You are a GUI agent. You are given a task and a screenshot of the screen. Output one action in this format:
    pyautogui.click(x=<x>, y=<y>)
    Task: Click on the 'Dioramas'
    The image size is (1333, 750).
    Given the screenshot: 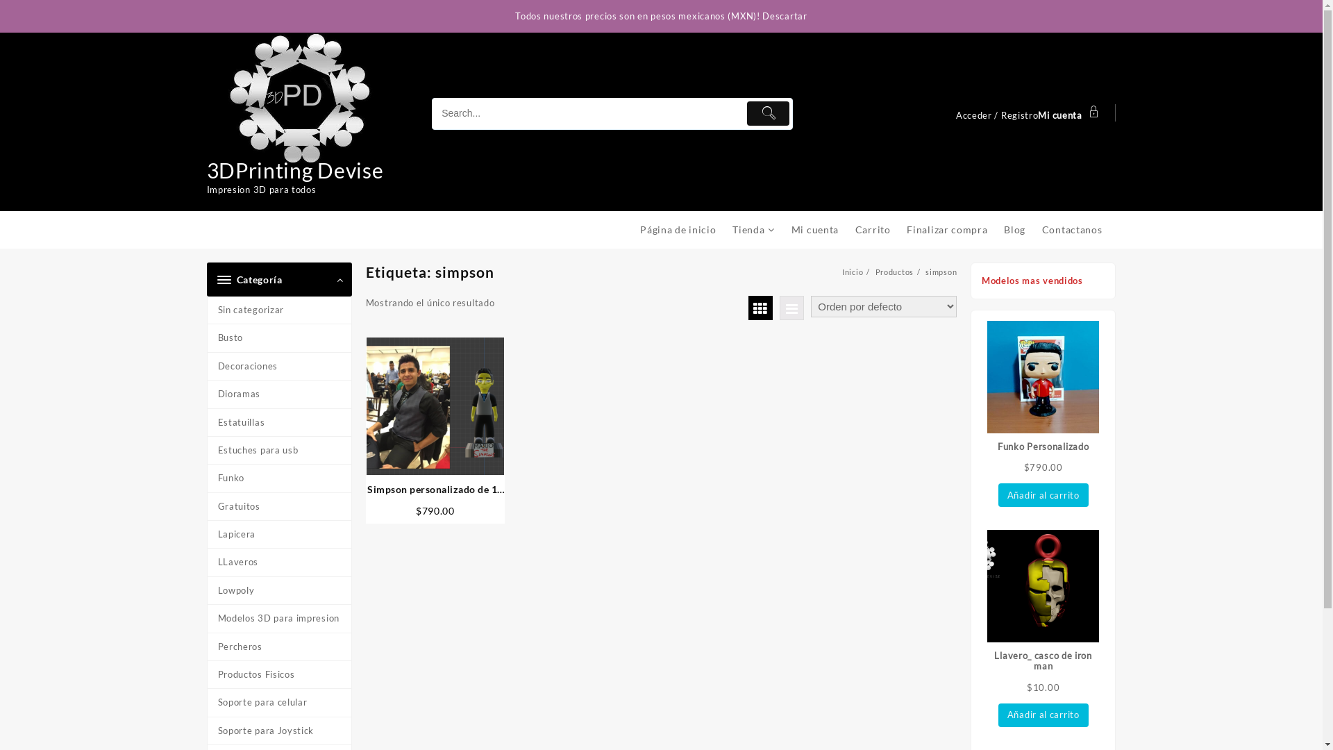 What is the action you would take?
    pyautogui.click(x=278, y=394)
    